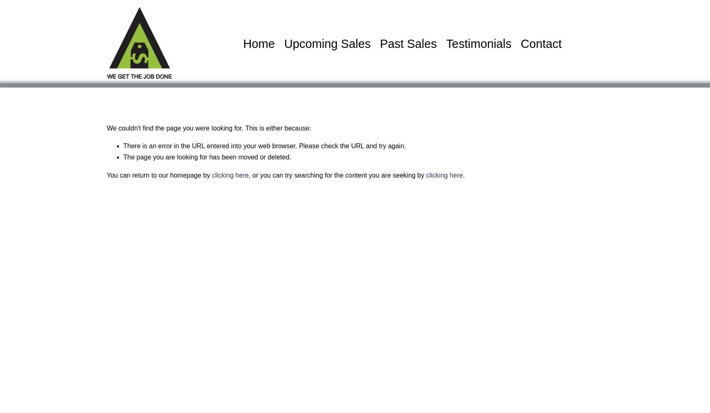  I want to click on 'You can return to our homepage by', so click(159, 175).